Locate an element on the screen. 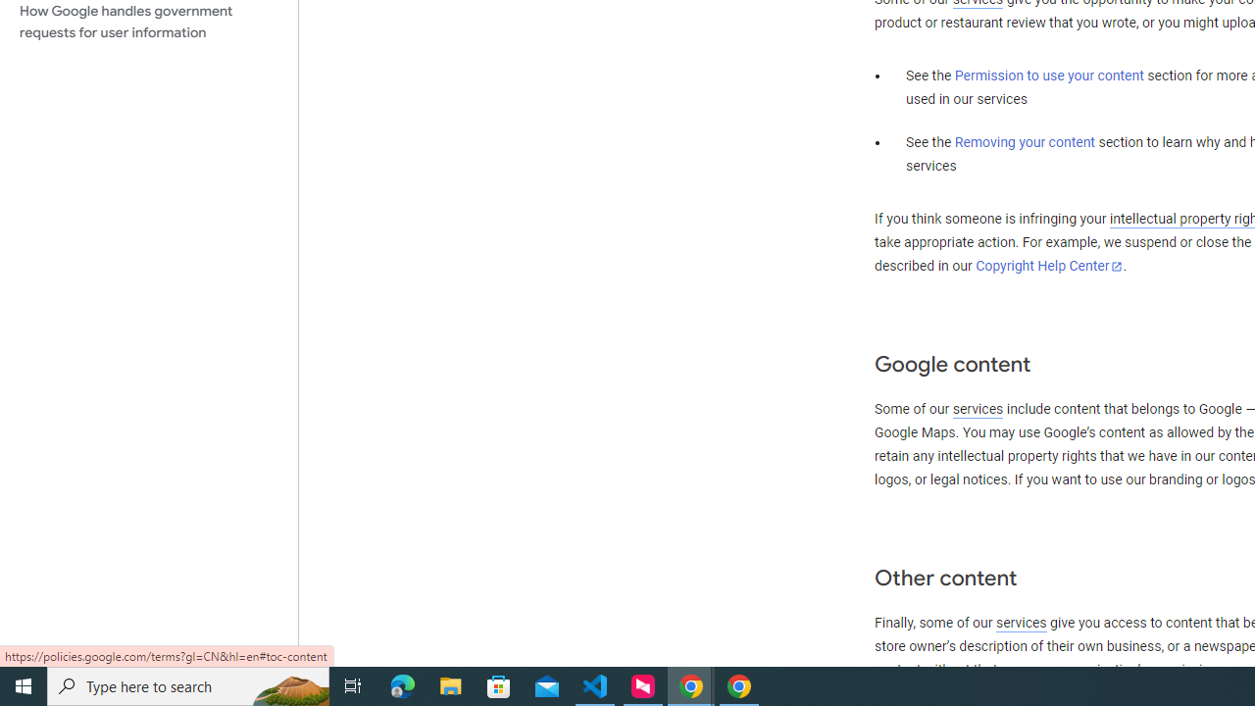  'Permission to use your content' is located at coordinates (1048, 76).